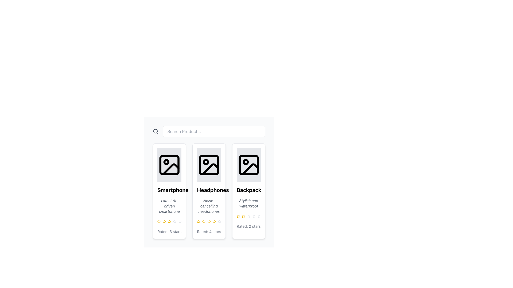  Describe the element at coordinates (209, 191) in the screenshot. I see `the 'Headphones' product card, which is the second card in a grid layout` at that location.